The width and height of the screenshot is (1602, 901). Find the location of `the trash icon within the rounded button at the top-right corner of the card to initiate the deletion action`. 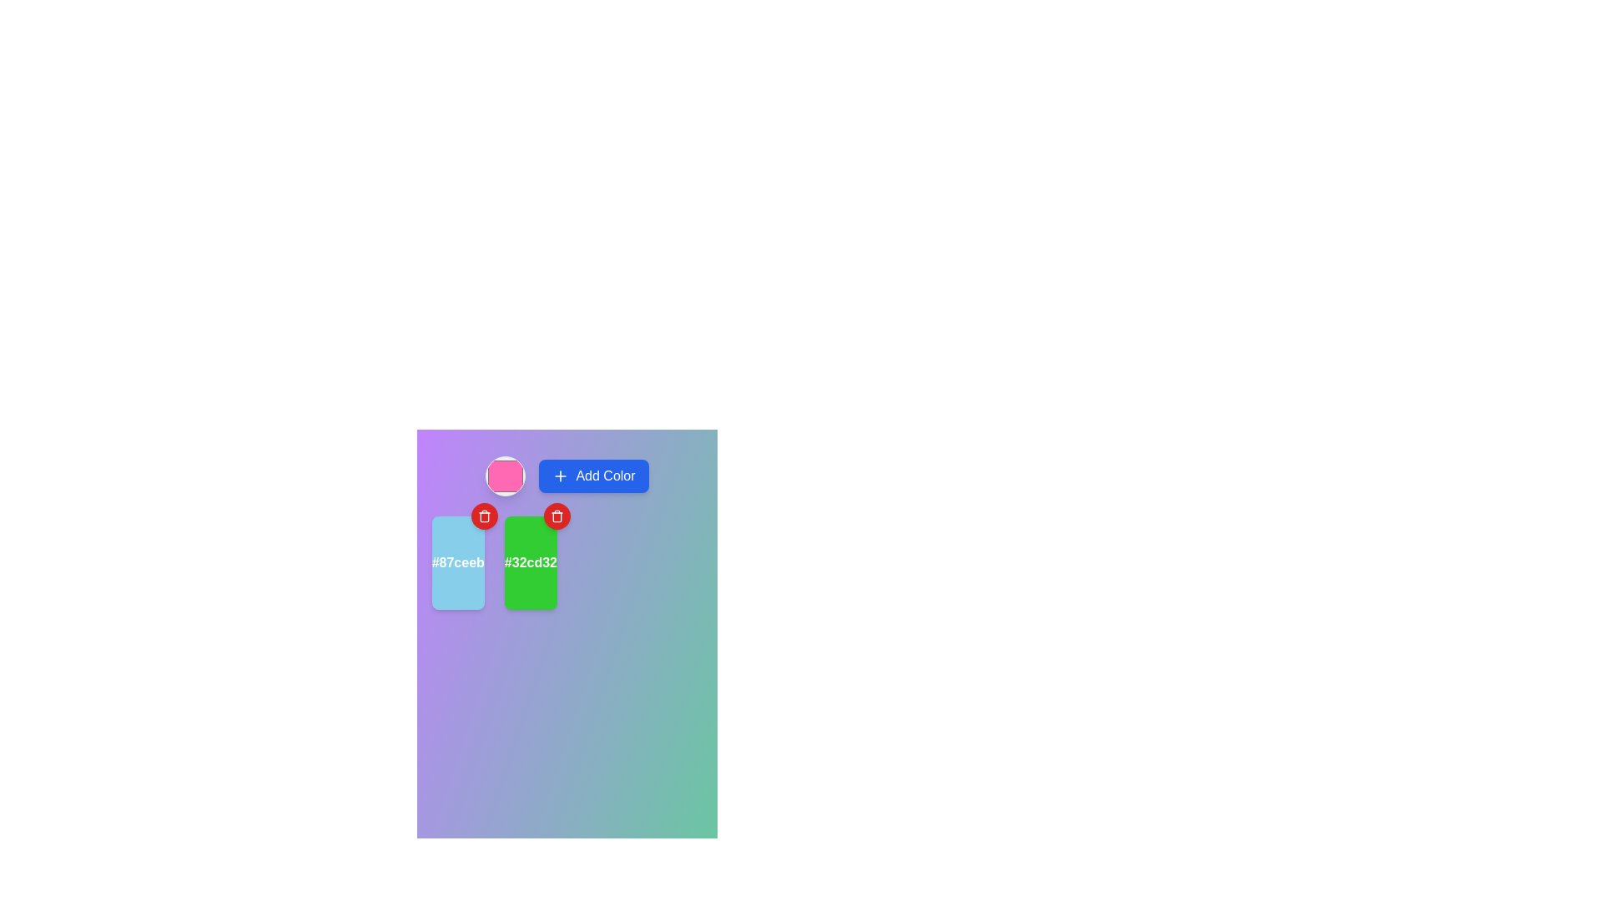

the trash icon within the rounded button at the top-right corner of the card to initiate the deletion action is located at coordinates (483, 515).